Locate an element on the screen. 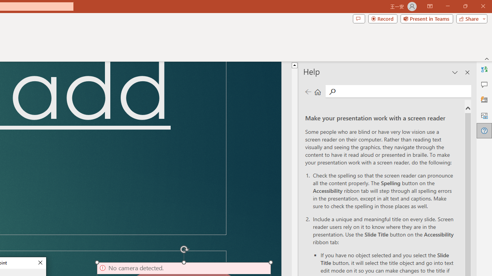  'Restore Down' is located at coordinates (450, 12).